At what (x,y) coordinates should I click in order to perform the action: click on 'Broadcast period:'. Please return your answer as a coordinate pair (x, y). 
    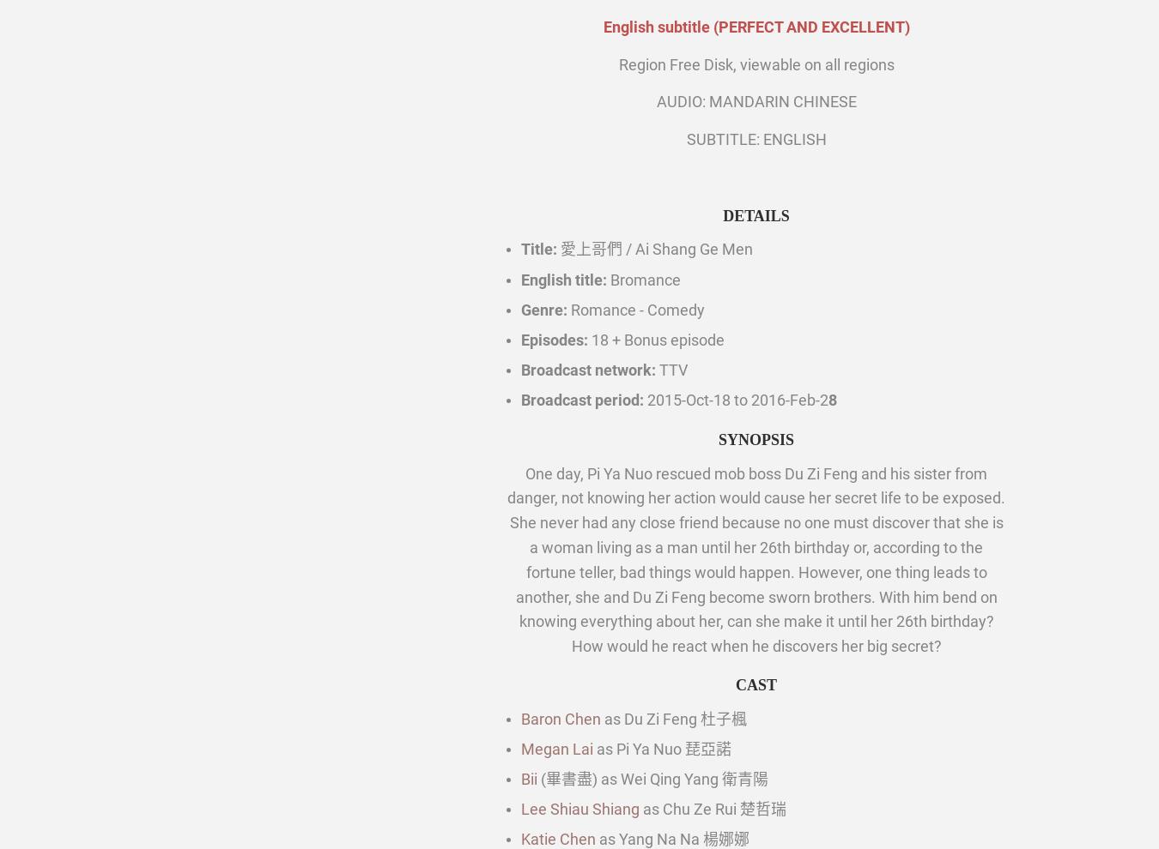
    Looking at the image, I should click on (581, 400).